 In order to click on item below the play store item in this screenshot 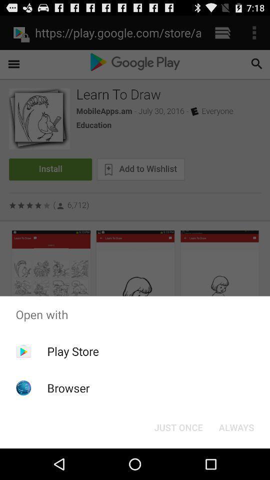, I will do `click(68, 387)`.